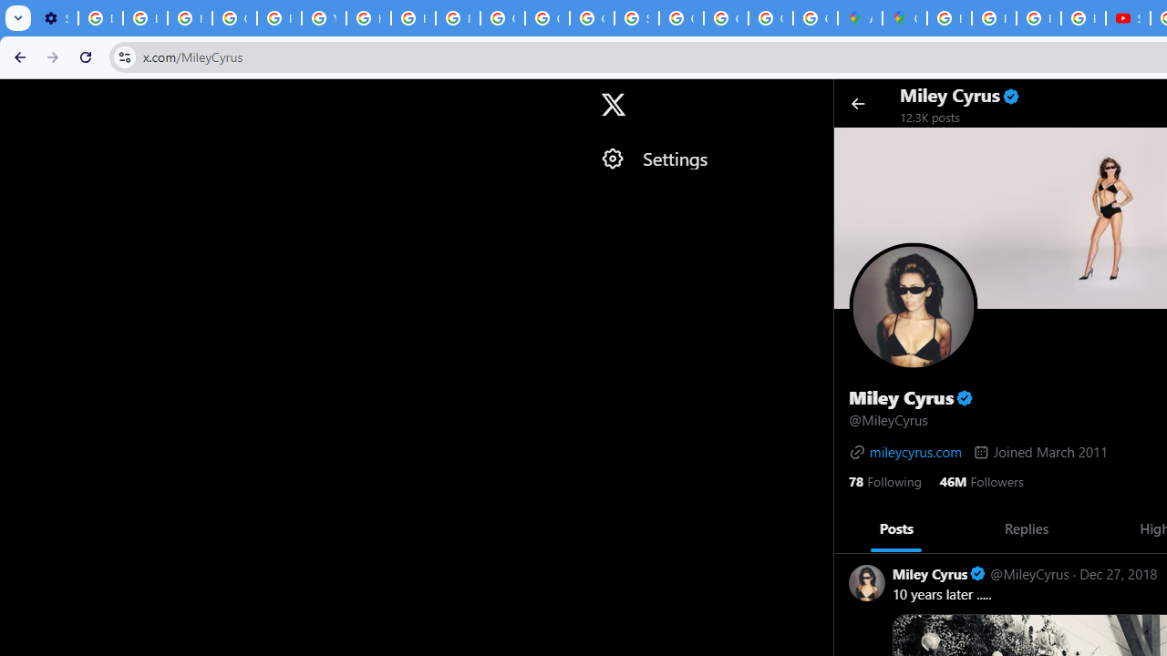 This screenshot has width=1167, height=656. I want to click on 'YouTube', so click(324, 18).